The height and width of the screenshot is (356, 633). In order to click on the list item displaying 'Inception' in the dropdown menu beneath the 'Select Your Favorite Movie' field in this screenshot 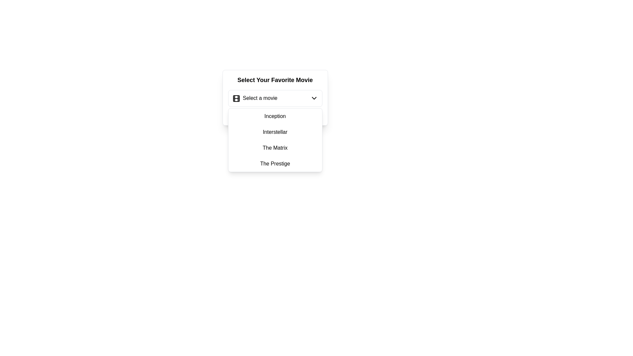, I will do `click(275, 116)`.